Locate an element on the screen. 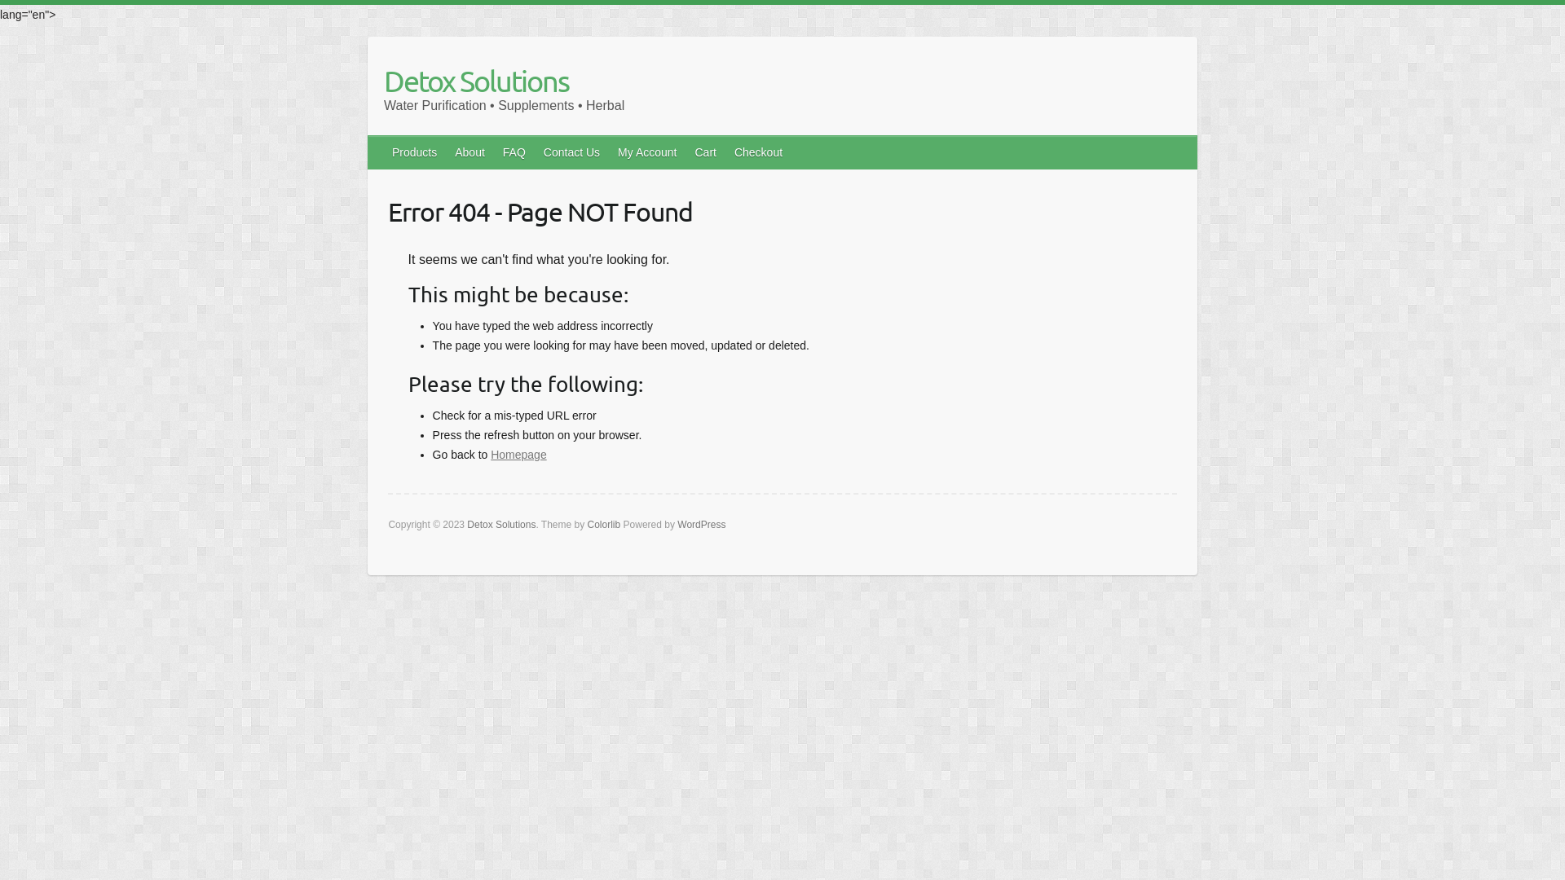 The height and width of the screenshot is (880, 1565). 'Colorlib' is located at coordinates (603, 525).